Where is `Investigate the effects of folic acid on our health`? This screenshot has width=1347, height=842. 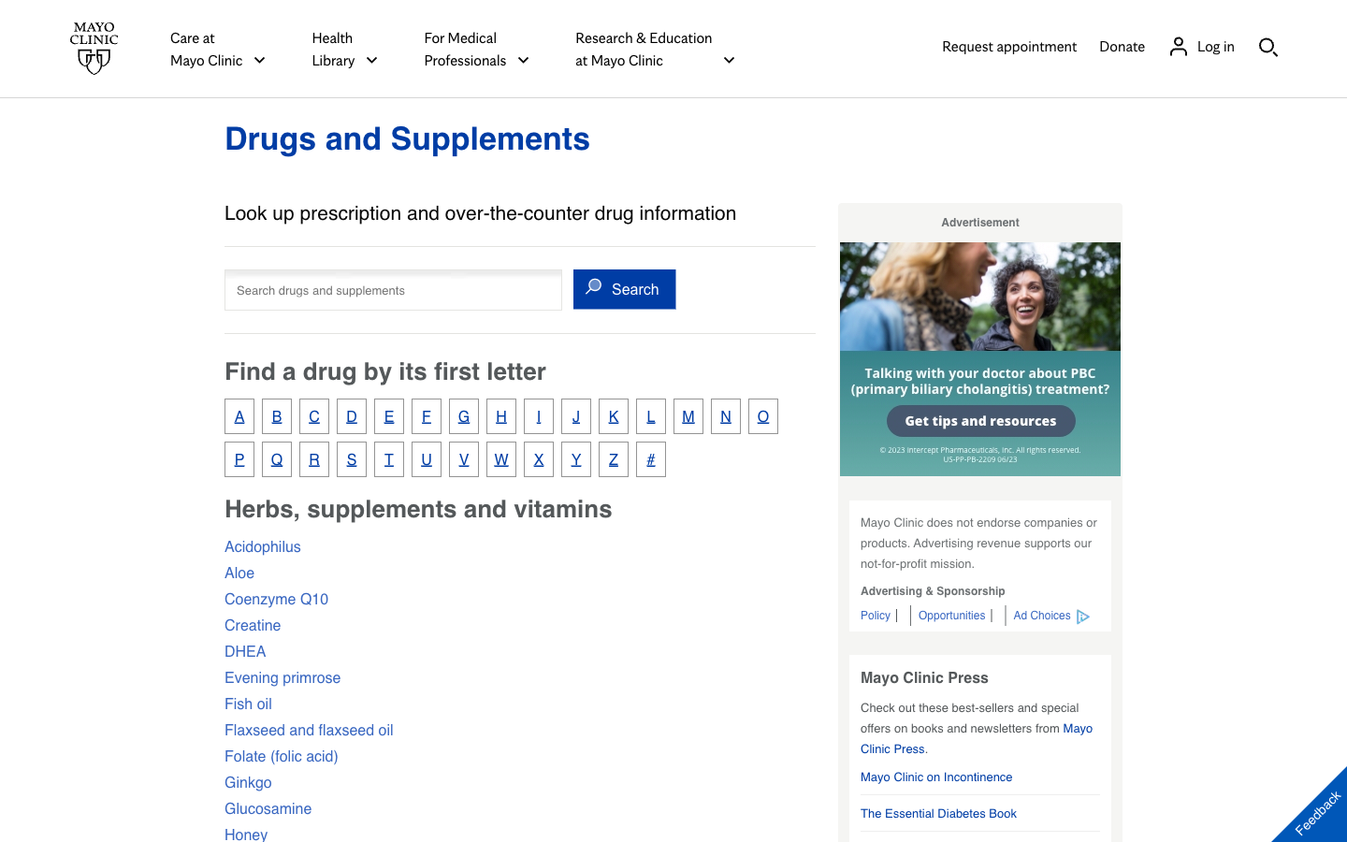 Investigate the effects of folic acid on our health is located at coordinates (280, 755).